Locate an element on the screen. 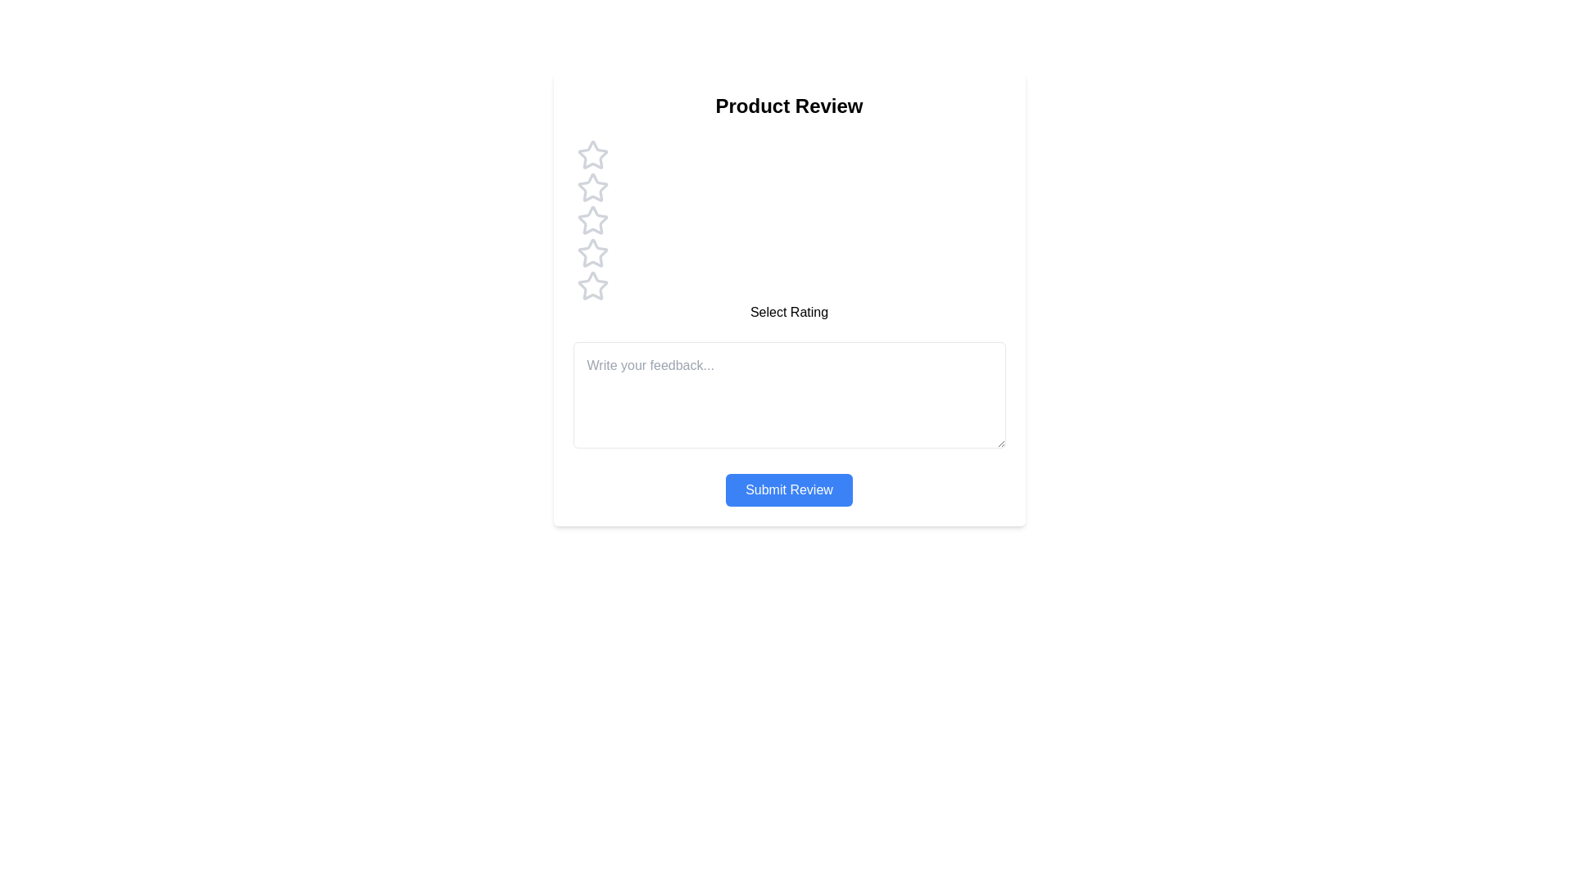  the topmost star-shaped rating icon in the feedback form is located at coordinates (592, 155).